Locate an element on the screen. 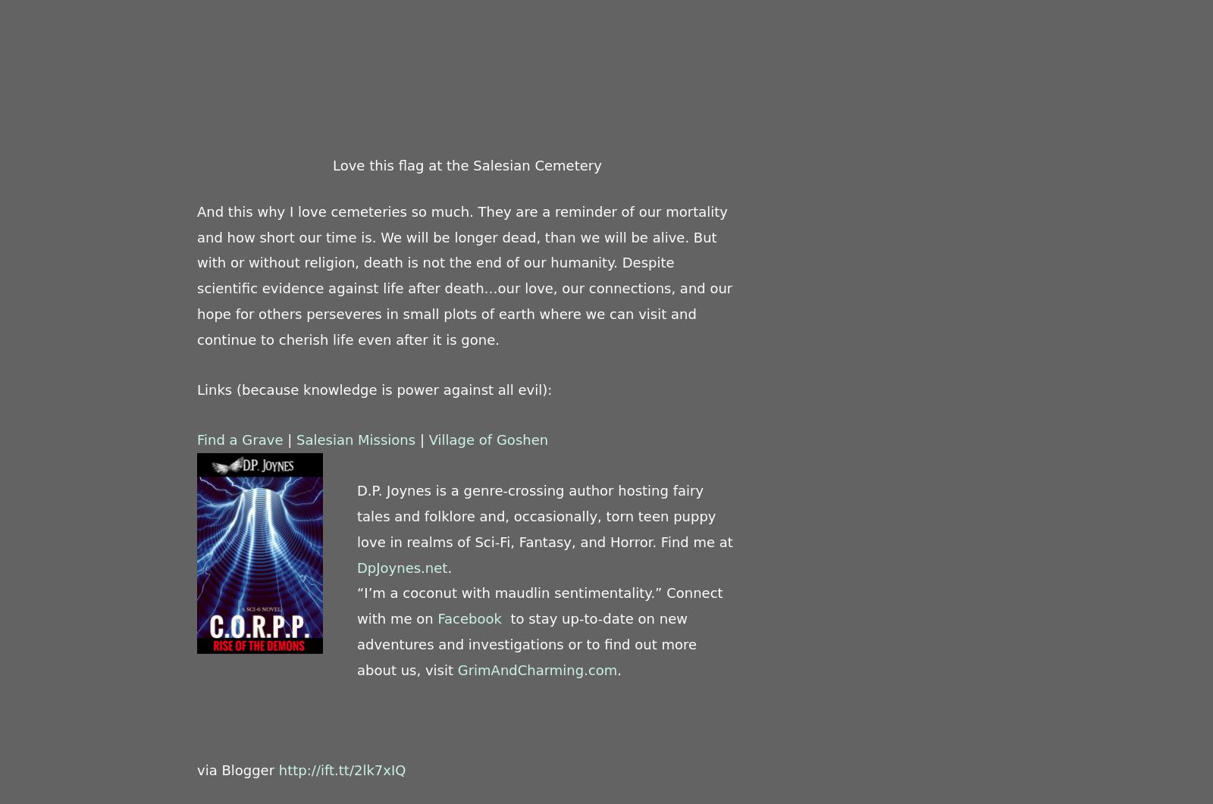  'Find a Grave' is located at coordinates (240, 438).